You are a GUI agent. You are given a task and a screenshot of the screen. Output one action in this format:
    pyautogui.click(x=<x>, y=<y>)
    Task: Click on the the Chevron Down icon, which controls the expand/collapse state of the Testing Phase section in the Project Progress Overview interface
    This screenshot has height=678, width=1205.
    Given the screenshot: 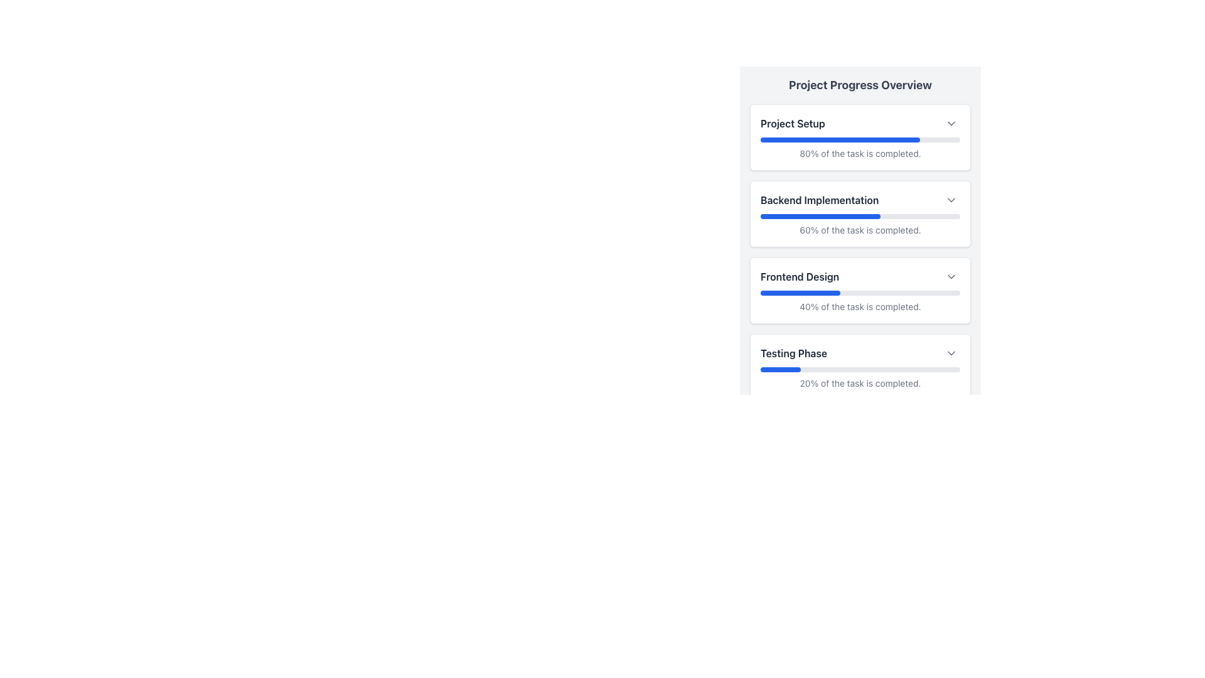 What is the action you would take?
    pyautogui.click(x=951, y=353)
    